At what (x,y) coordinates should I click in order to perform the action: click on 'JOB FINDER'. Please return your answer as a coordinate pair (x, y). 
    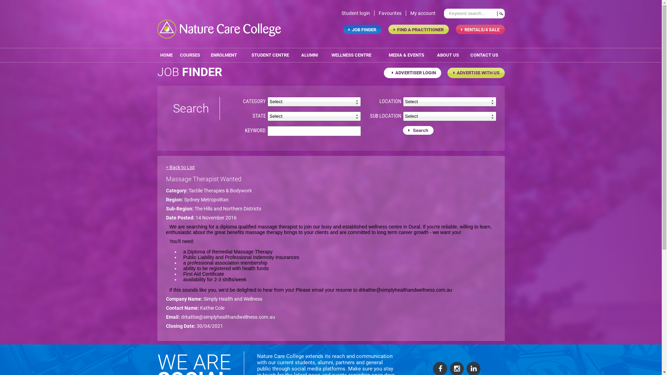
    Looking at the image, I should click on (343, 29).